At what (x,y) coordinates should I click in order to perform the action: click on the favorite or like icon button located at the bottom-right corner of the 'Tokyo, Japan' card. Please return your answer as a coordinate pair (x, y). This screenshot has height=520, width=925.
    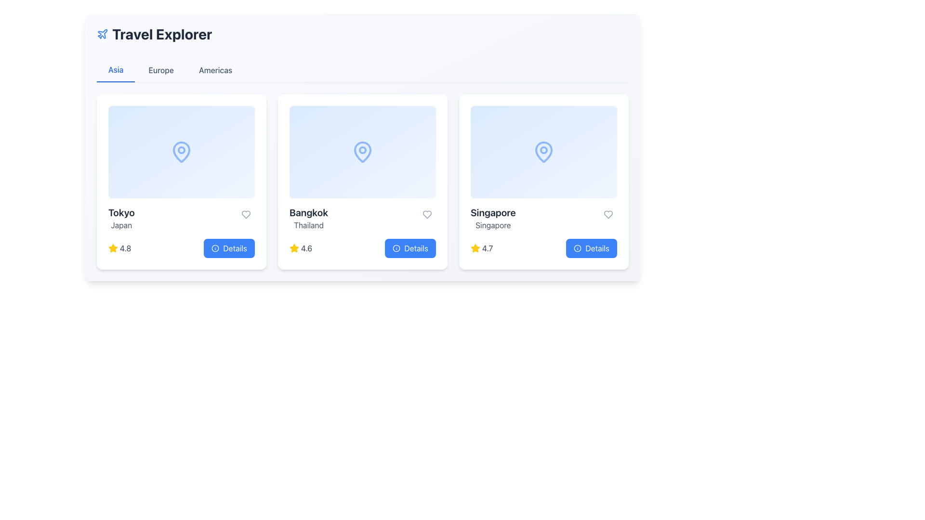
    Looking at the image, I should click on (246, 214).